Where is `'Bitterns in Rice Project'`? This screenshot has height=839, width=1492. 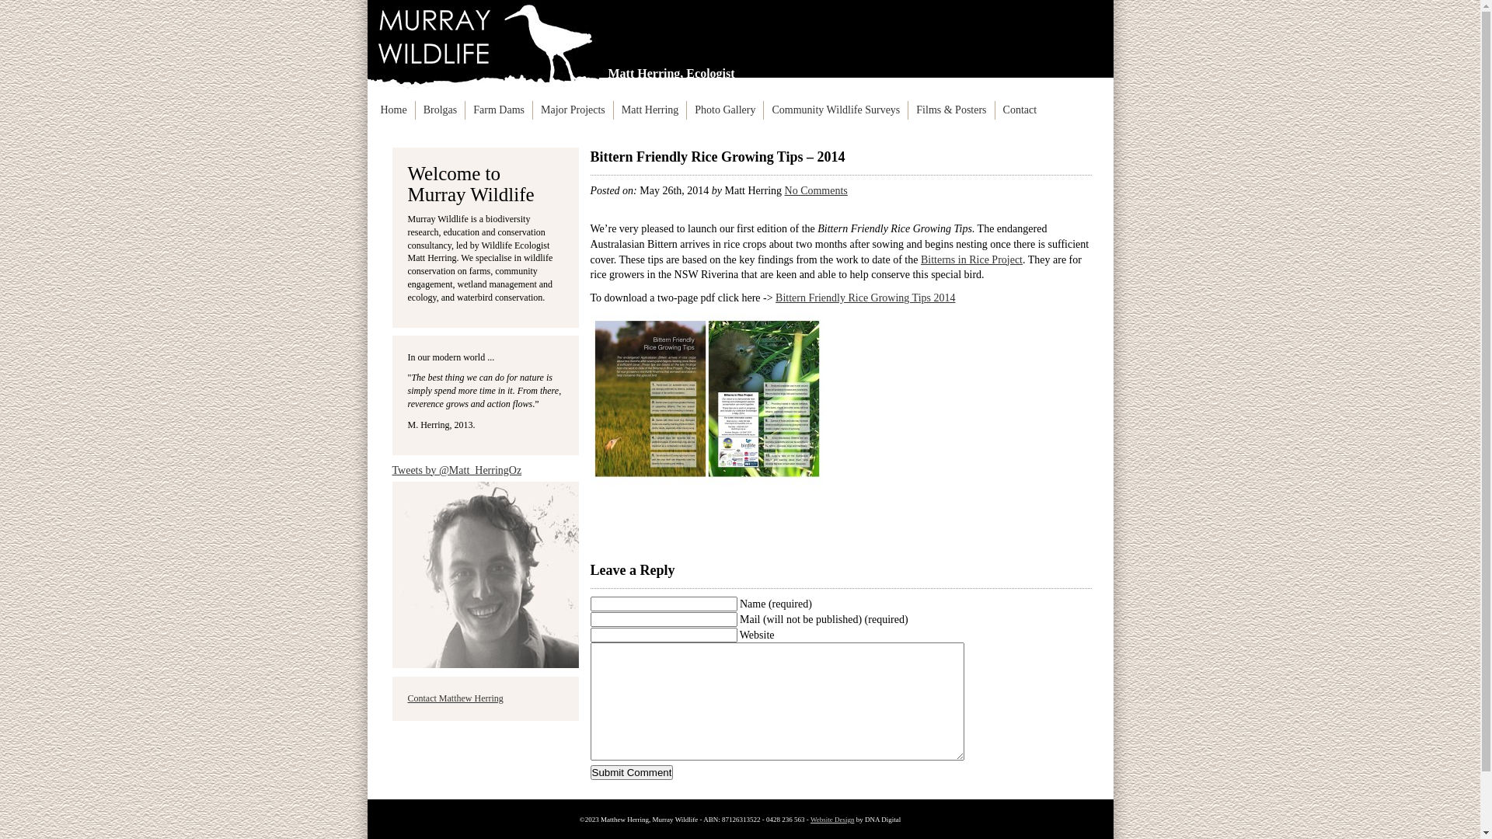 'Bitterns in Rice Project' is located at coordinates (921, 259).